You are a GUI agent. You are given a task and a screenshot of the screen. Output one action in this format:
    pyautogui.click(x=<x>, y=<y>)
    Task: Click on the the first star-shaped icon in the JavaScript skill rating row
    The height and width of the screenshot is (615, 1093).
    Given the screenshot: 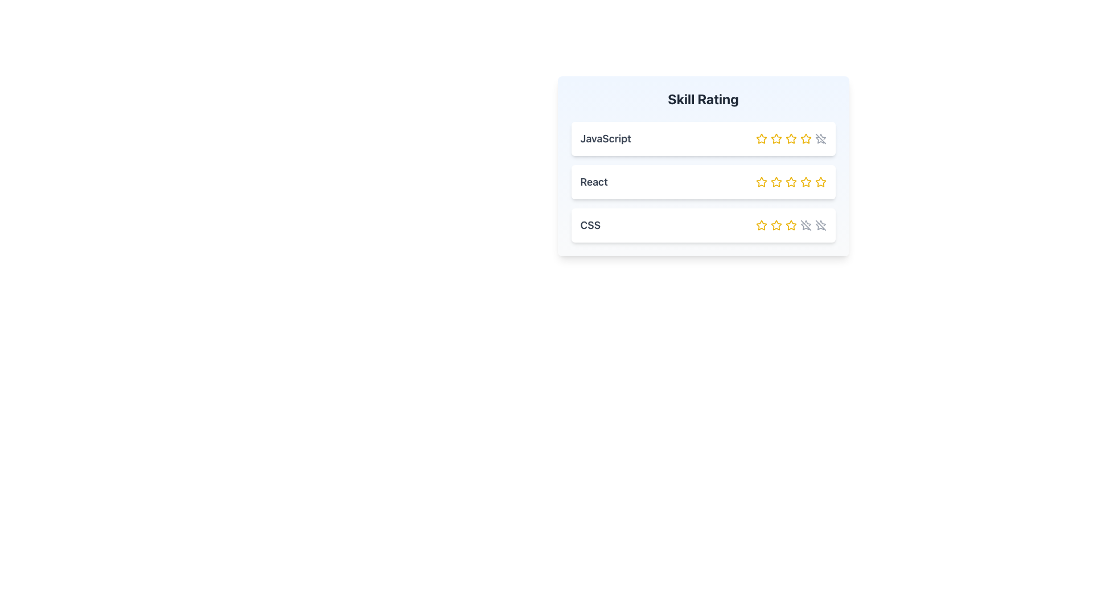 What is the action you would take?
    pyautogui.click(x=761, y=138)
    